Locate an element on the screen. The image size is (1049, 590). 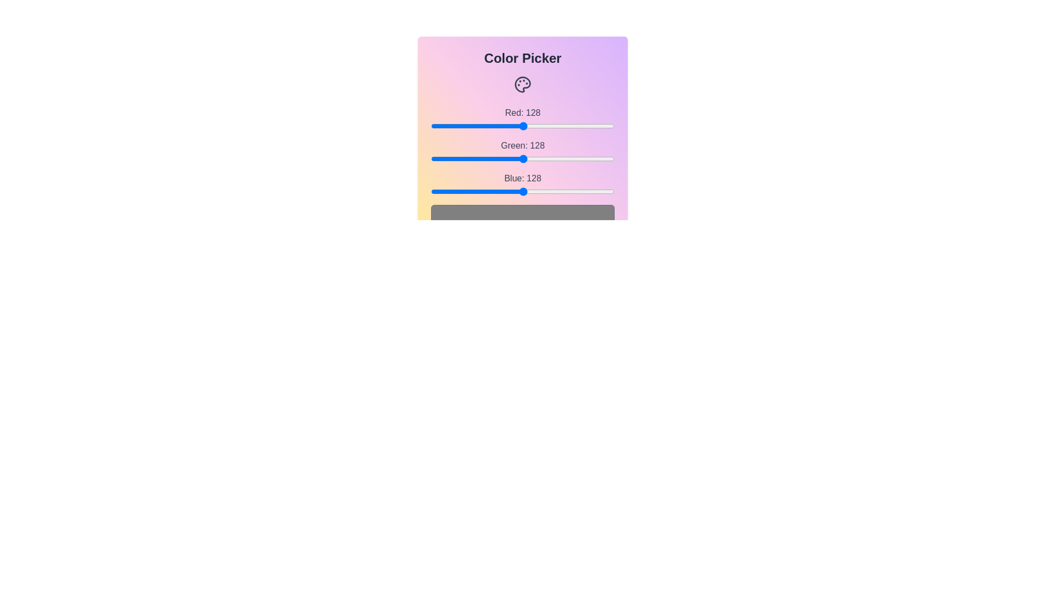
the green slider to set the green channel value to 154 is located at coordinates (541, 158).